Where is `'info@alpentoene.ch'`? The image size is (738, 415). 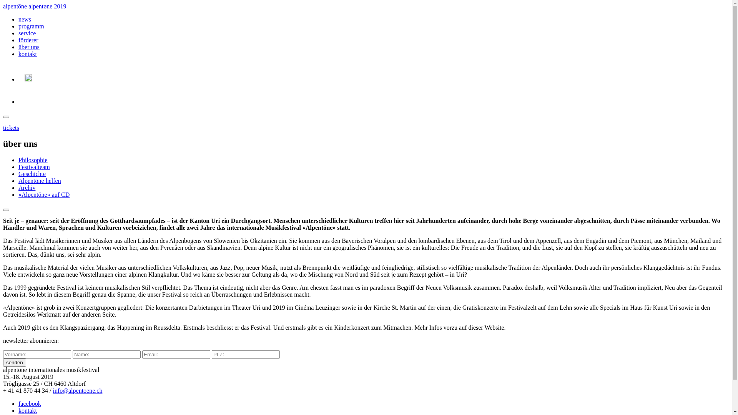 'info@alpentoene.ch' is located at coordinates (77, 390).